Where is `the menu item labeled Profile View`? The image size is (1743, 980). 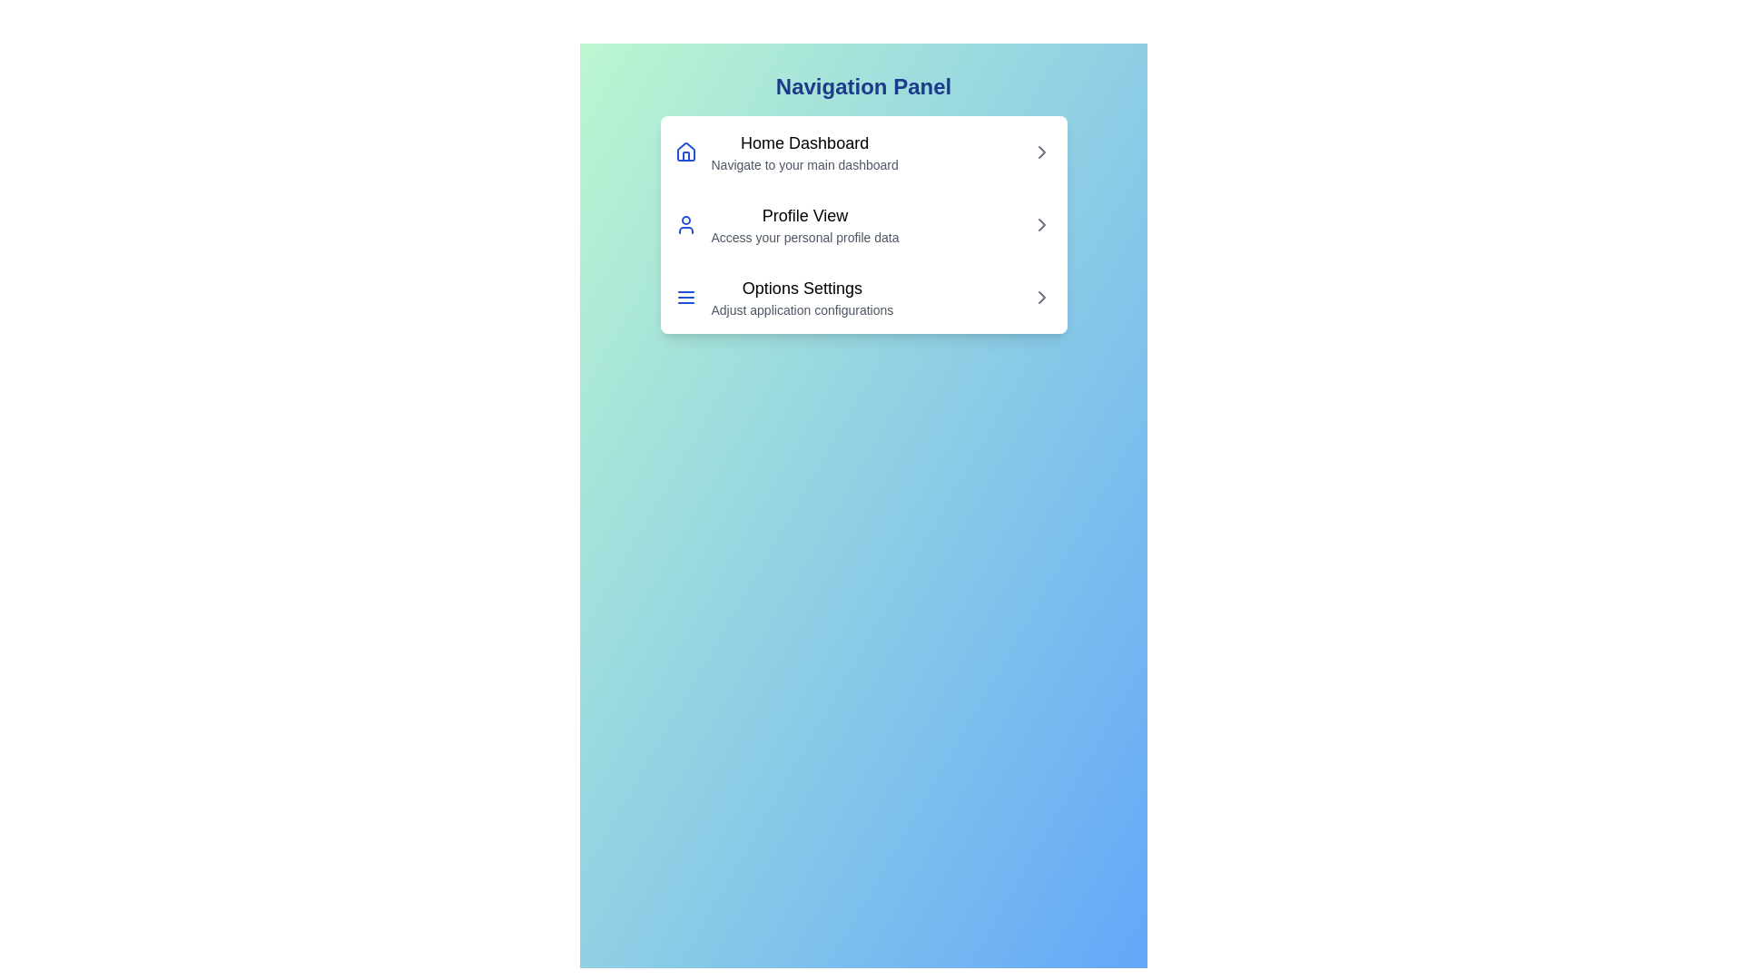
the menu item labeled Profile View is located at coordinates (862, 223).